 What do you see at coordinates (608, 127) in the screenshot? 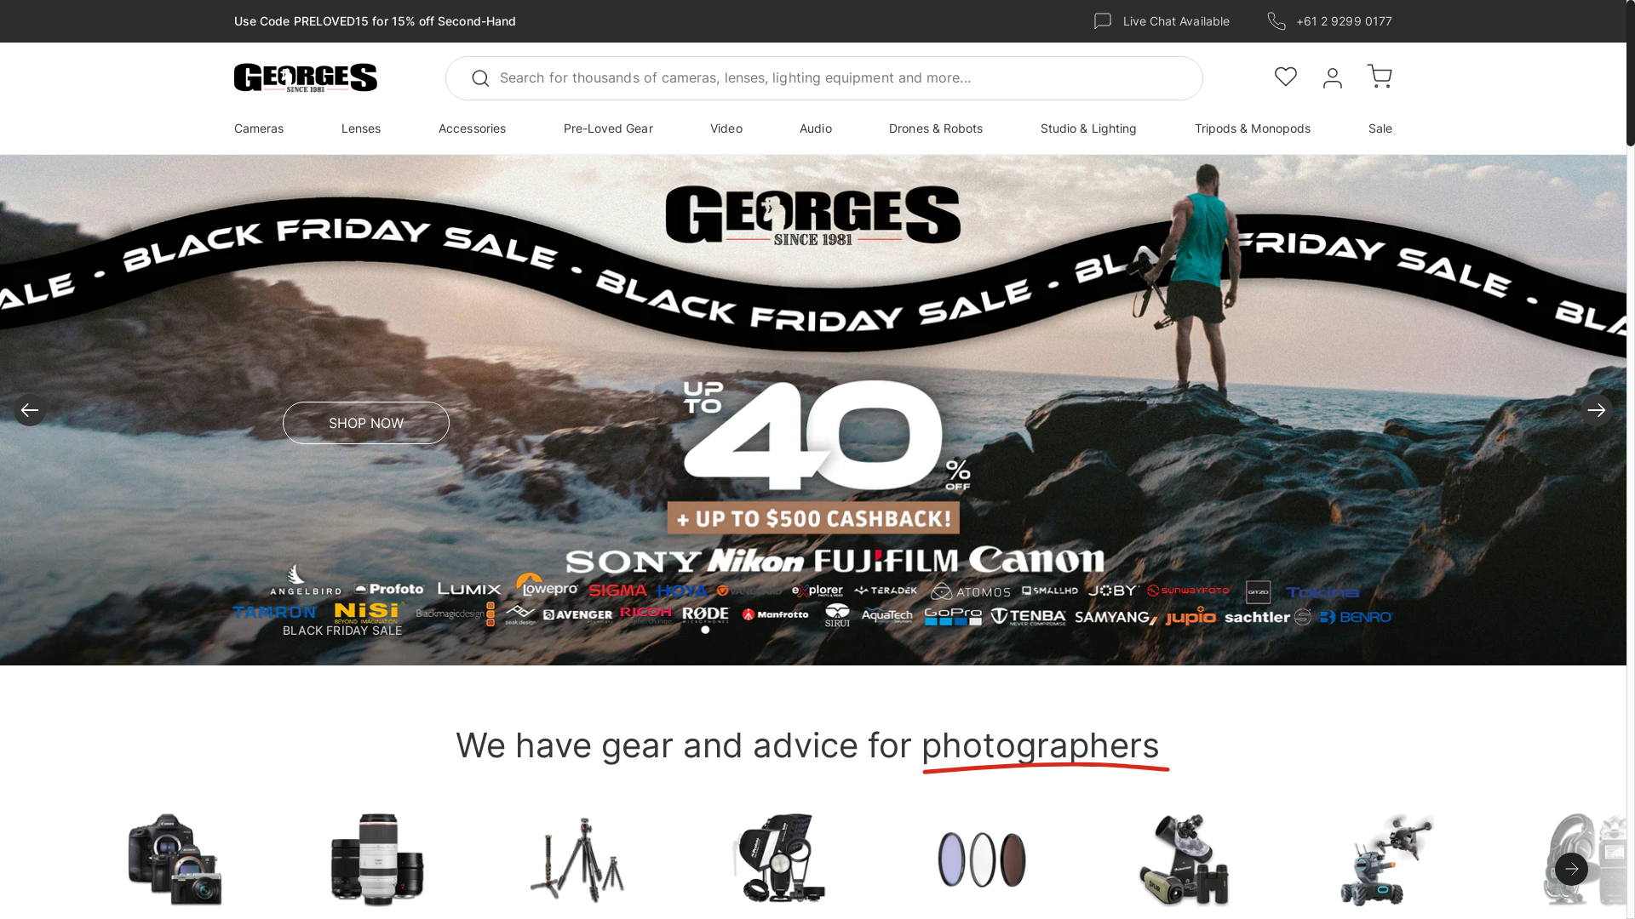
I see `'Pre-Loved Gear'` at bounding box center [608, 127].